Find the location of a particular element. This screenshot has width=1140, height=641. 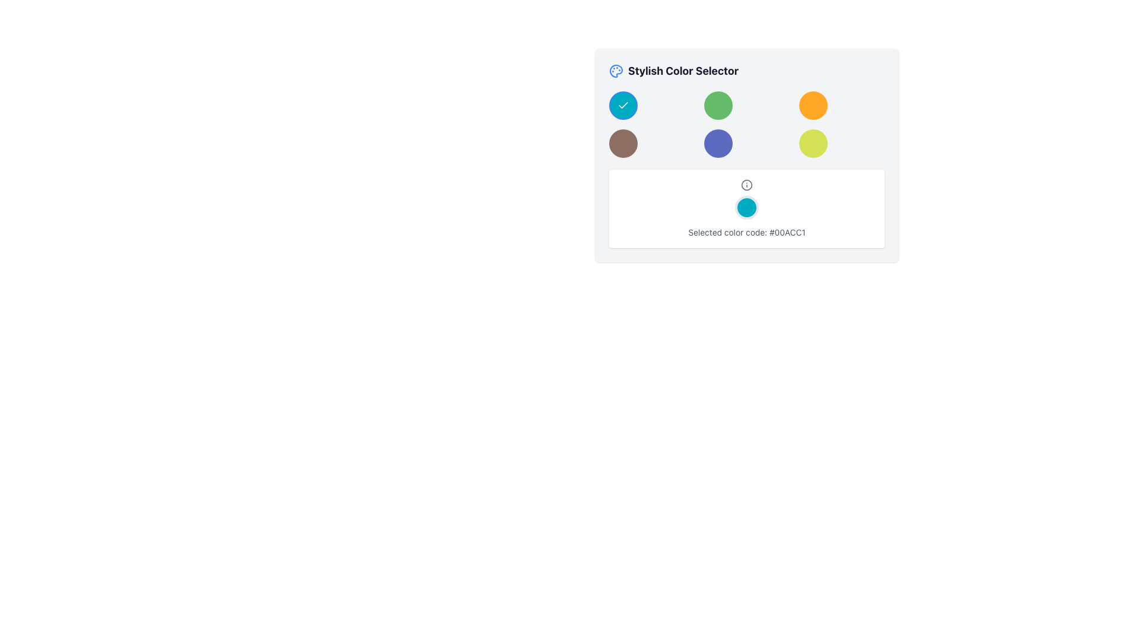

the circular interactive button in the Stylish Color Selector interface located in the top row and middle column of the 3x3 grid to trigger hover effects is located at coordinates (717, 104).